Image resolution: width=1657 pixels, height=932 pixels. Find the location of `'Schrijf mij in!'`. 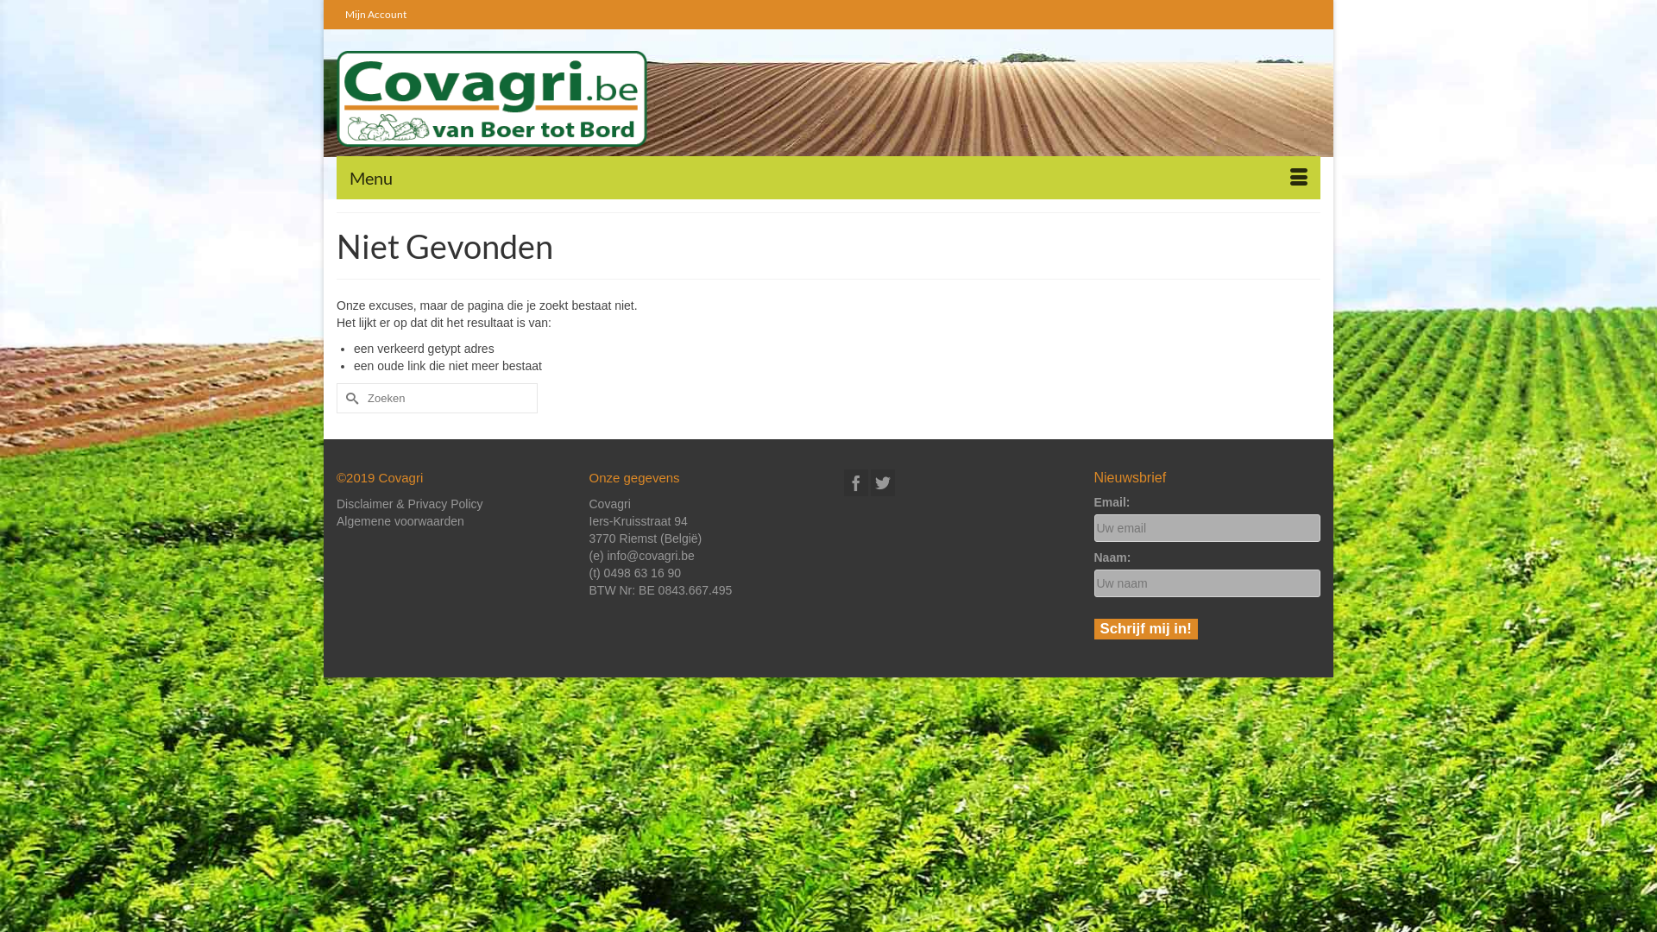

'Schrijf mij in!' is located at coordinates (1093, 629).